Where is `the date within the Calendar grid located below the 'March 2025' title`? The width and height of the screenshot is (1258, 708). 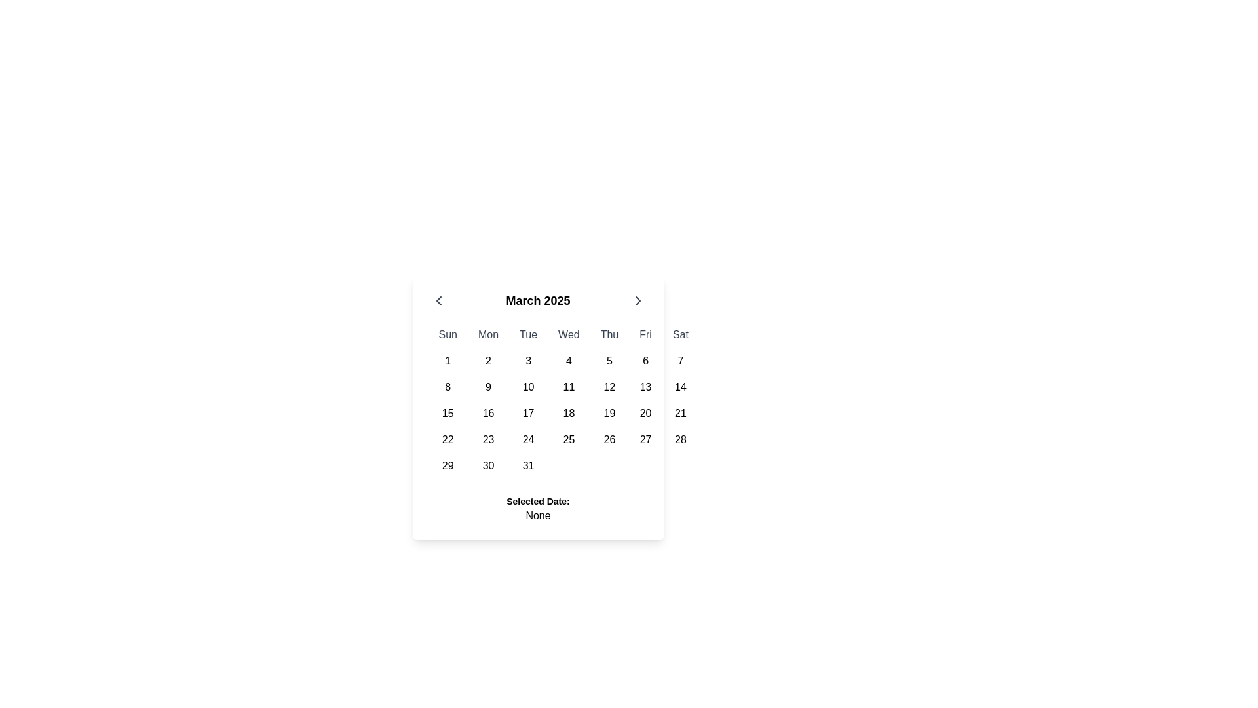 the date within the Calendar grid located below the 'March 2025' title is located at coordinates (563, 399).